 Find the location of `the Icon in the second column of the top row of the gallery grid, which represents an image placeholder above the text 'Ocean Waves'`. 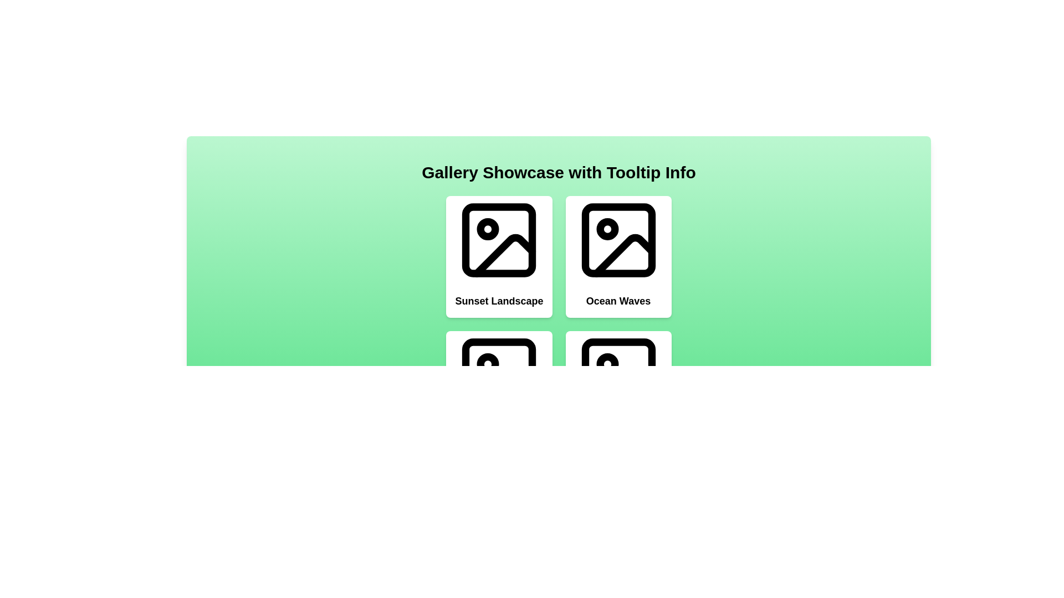

the Icon in the second column of the top row of the gallery grid, which represents an image placeholder above the text 'Ocean Waves' is located at coordinates (618, 240).